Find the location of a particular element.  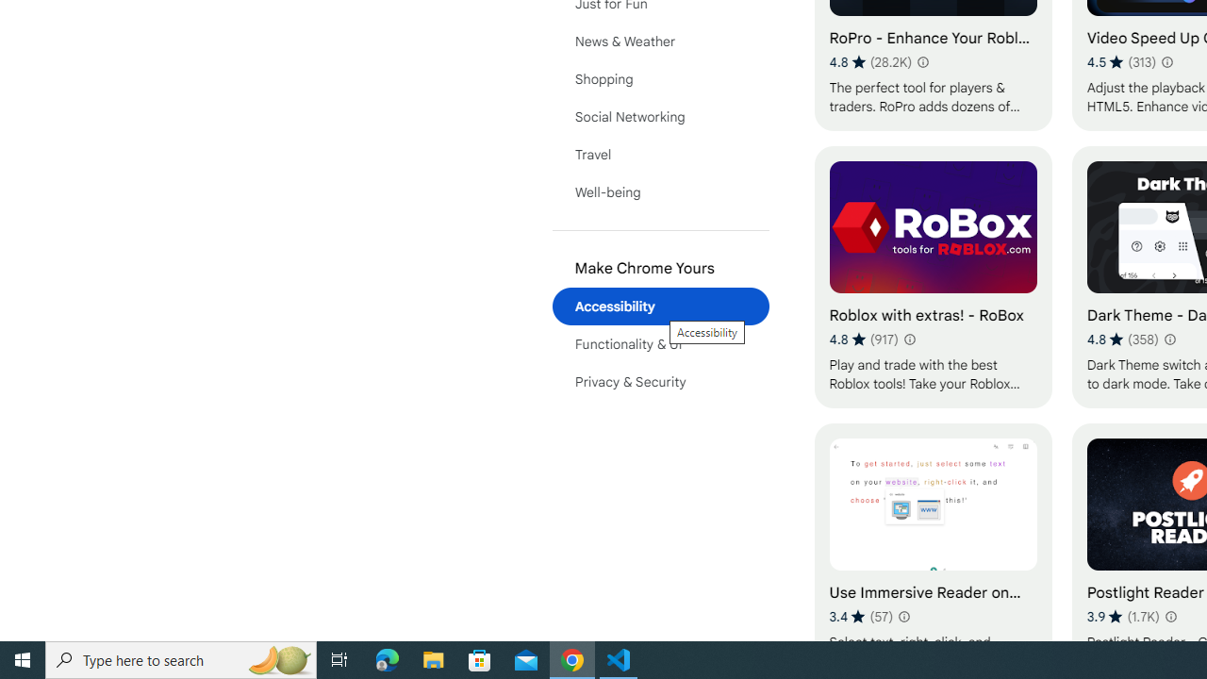

'Roblox with extras! - RoBox' is located at coordinates (933, 276).